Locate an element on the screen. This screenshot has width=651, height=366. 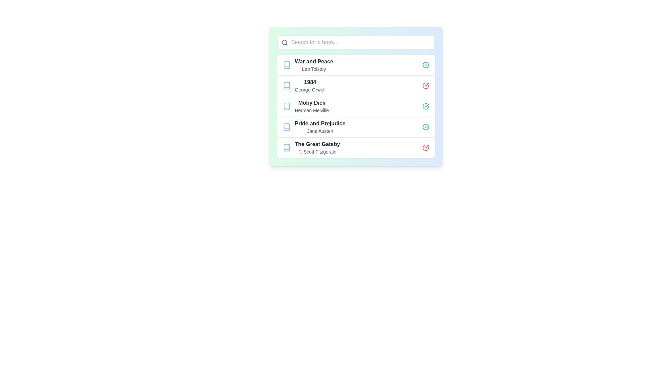
the text display element that shows the title and author of the book, located between '1984' and 'Pride and Prejudice' is located at coordinates (311, 106).